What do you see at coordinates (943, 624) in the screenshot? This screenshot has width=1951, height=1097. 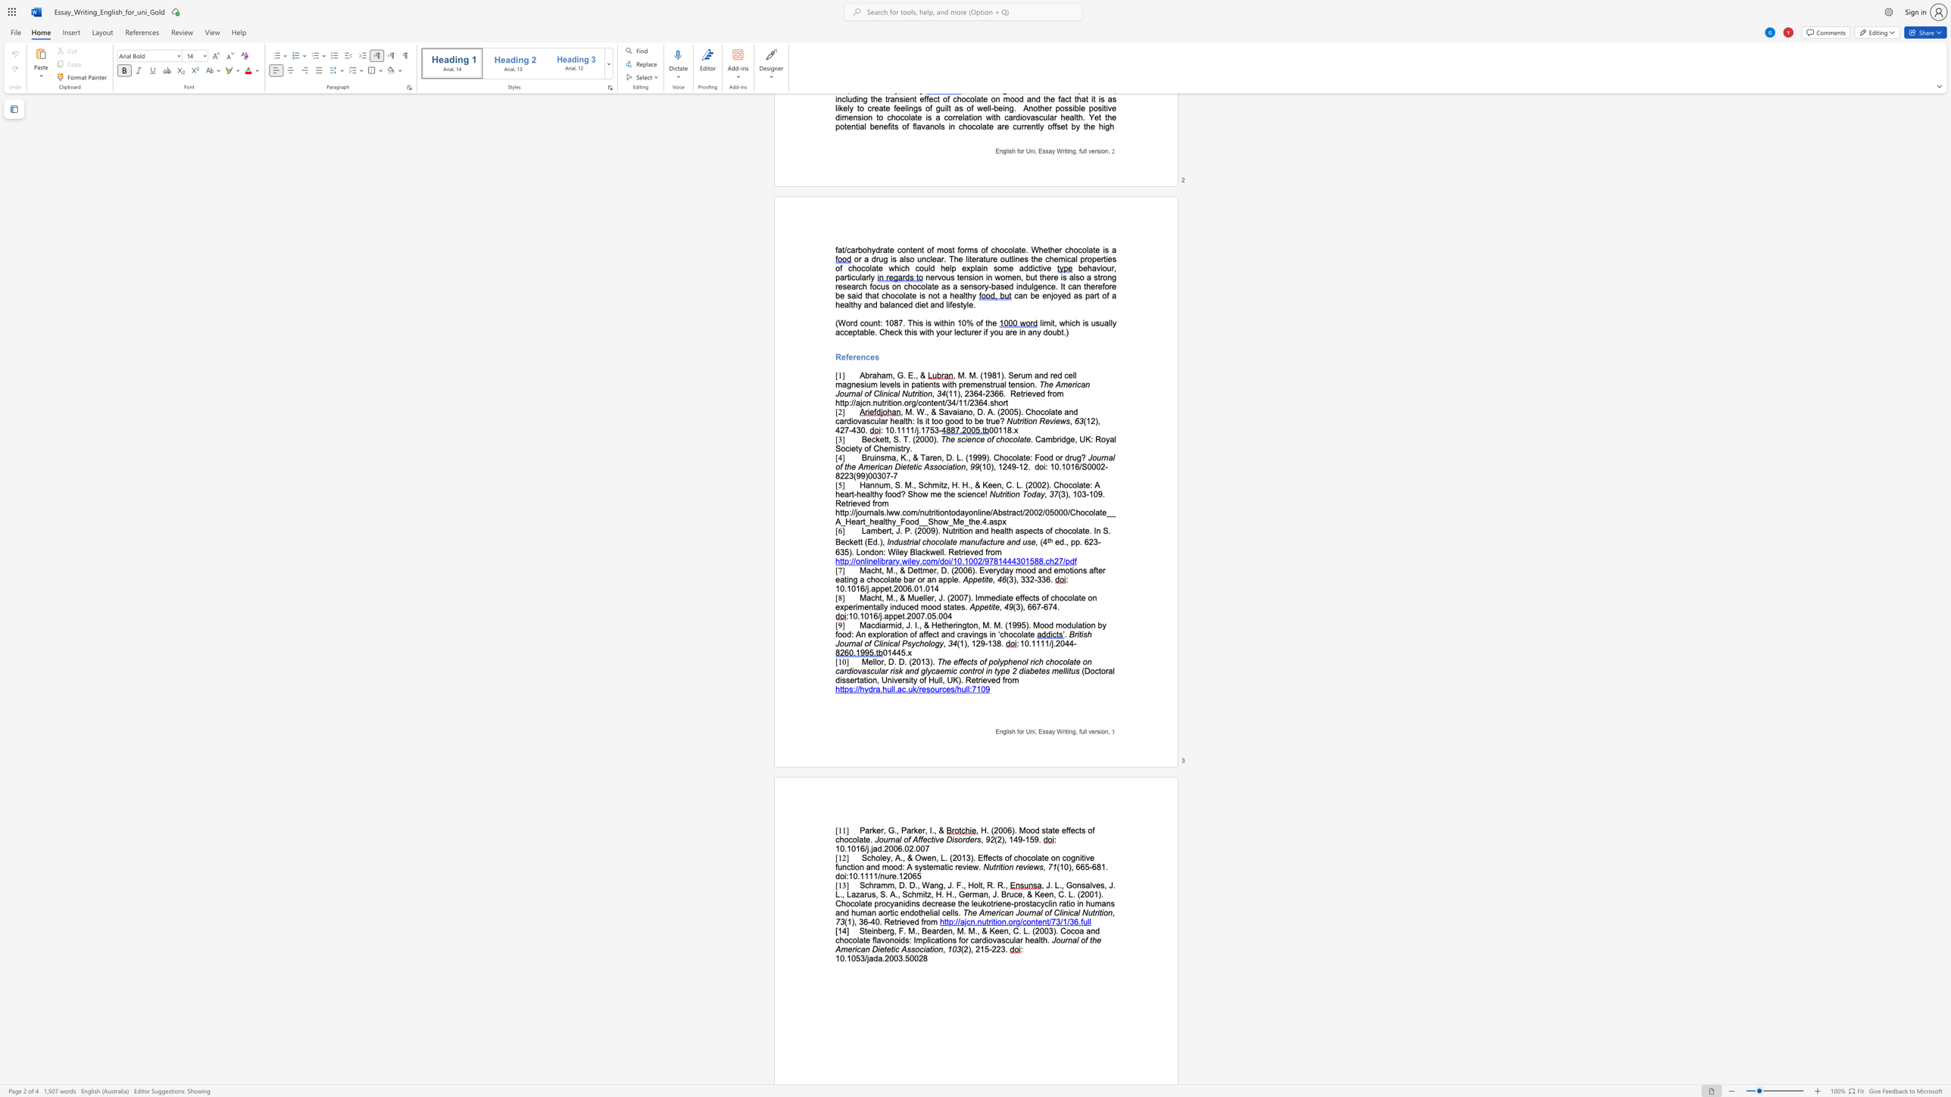 I see `the subset text "herington, M. M. (1995). Mood modulation by food: An explora" within the text "Macdiarmid, J. I., & Hetherington, M. M. (1995). Mood modulation by food: An exploration of affect and cravings in ‘chocolate"` at bounding box center [943, 624].